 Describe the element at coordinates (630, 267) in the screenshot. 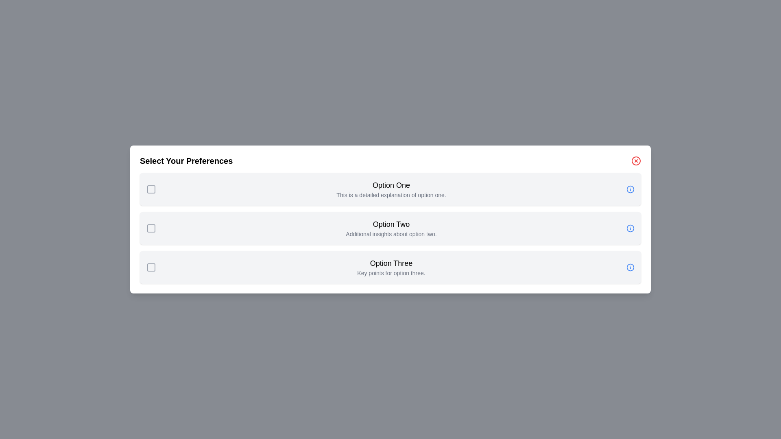

I see `the icon at the far right of the row labeled 'Option Three'` at that location.